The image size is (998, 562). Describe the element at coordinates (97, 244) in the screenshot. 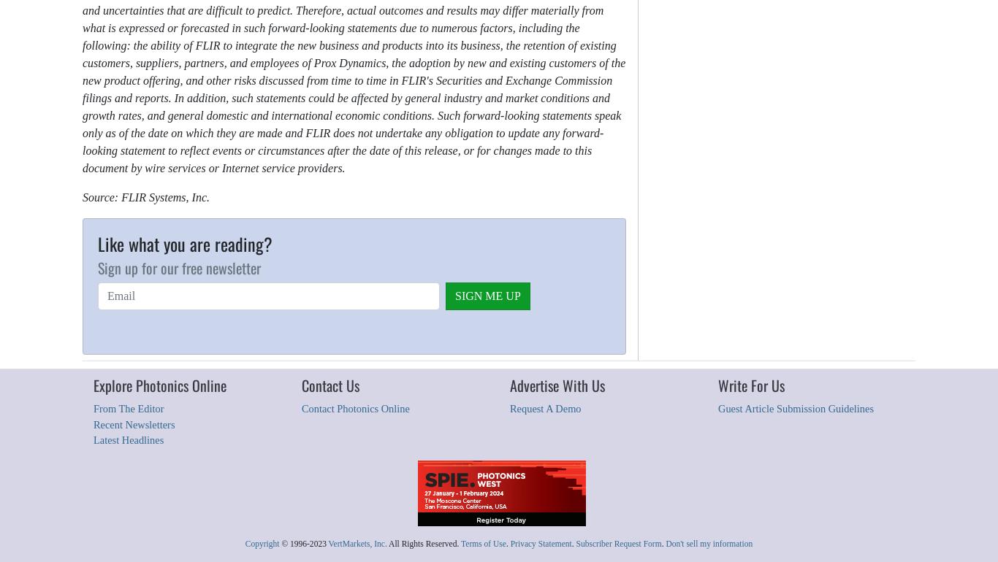

I see `'Like what you are reading?'` at that location.